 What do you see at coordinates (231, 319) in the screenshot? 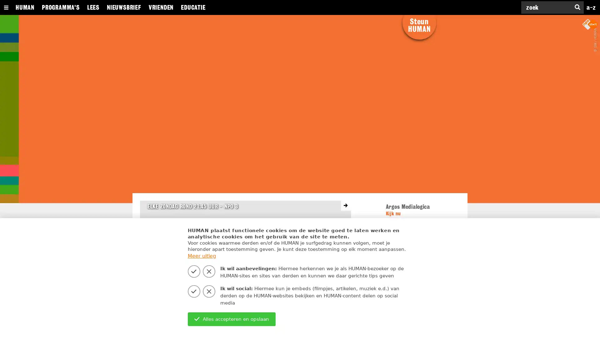
I see `Alles accepteren en opslaan` at bounding box center [231, 319].